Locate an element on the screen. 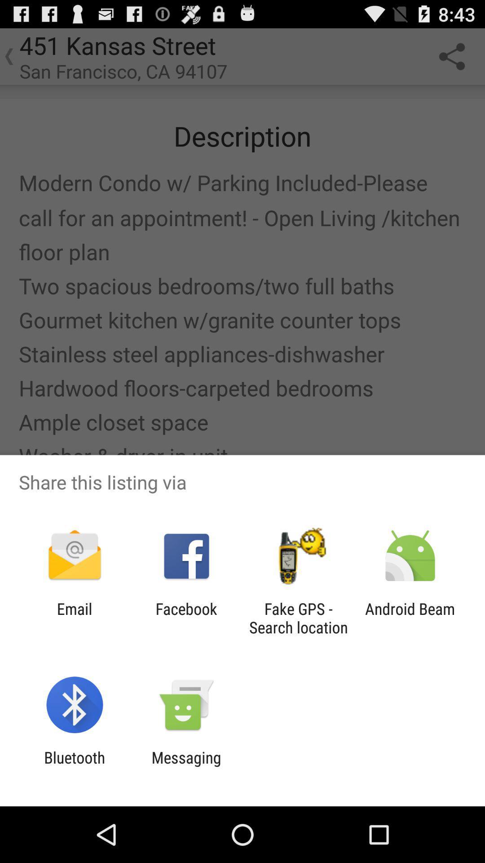 The height and width of the screenshot is (863, 485). icon to the left of fake gps search item is located at coordinates (186, 618).